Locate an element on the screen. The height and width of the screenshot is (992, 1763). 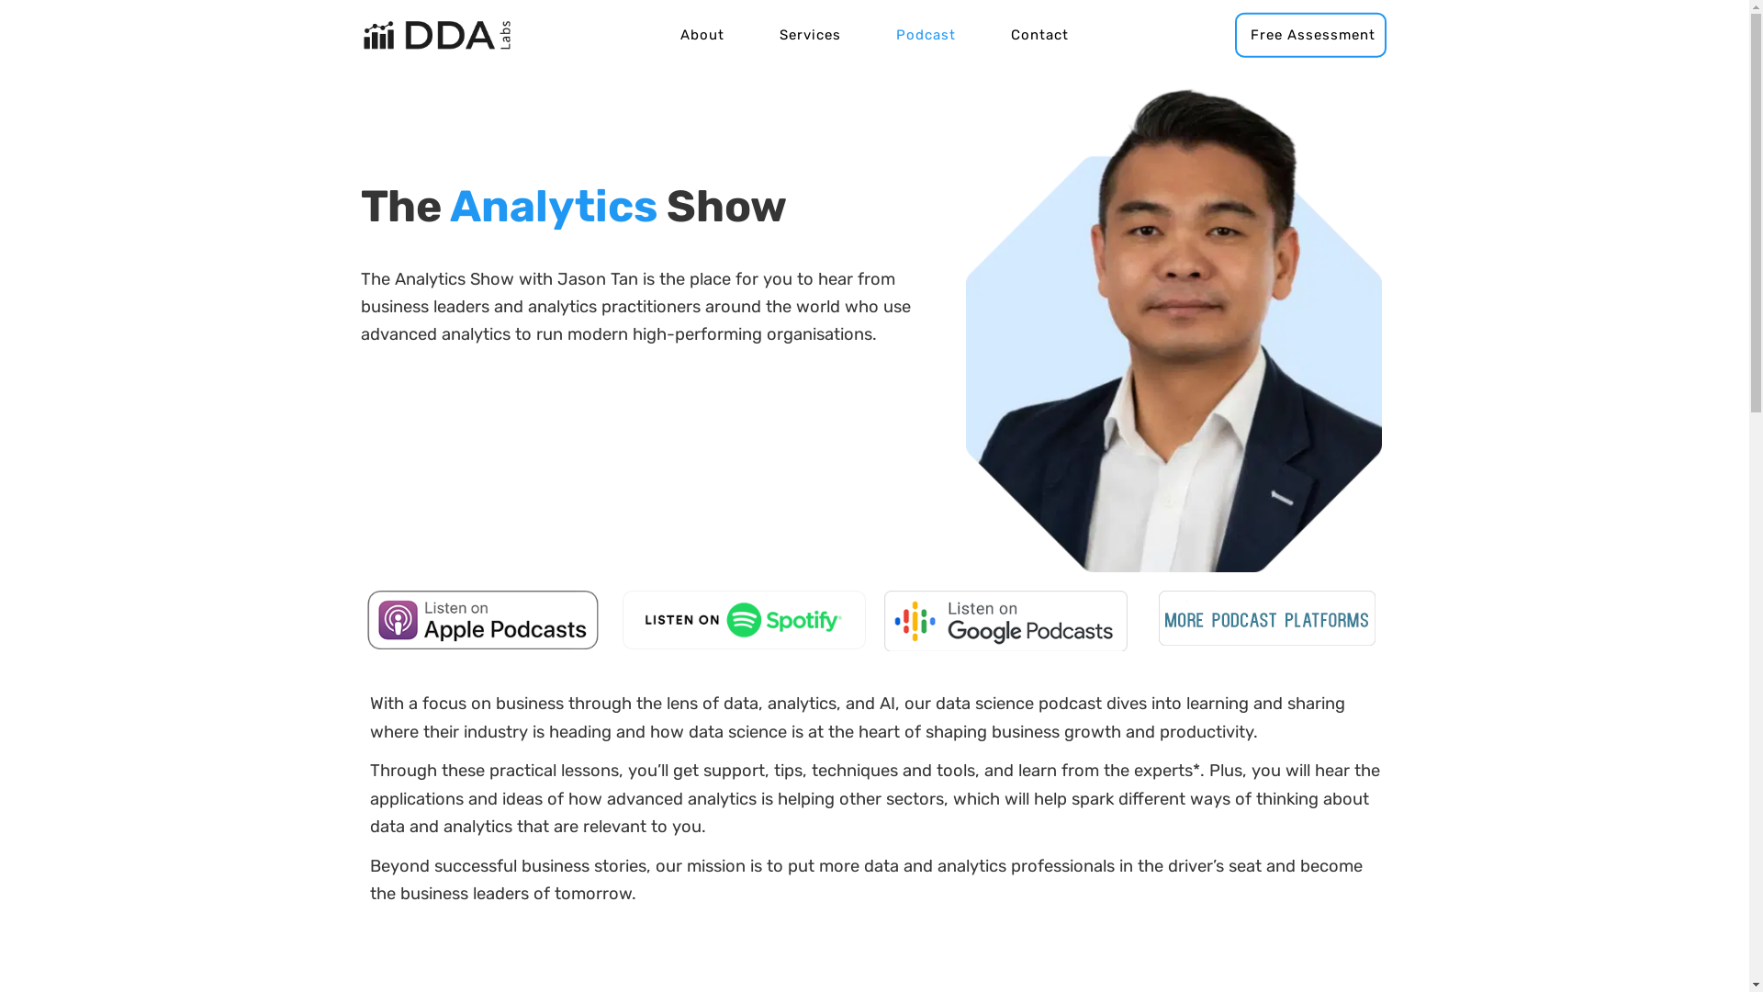
'Services' is located at coordinates (809, 35).